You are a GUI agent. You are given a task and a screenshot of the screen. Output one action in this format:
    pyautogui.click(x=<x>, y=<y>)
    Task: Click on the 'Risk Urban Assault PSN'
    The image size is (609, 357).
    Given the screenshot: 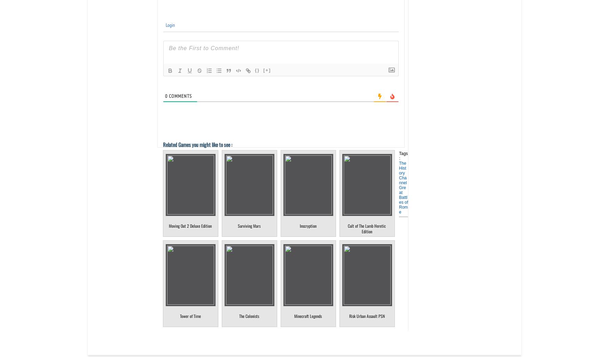 What is the action you would take?
    pyautogui.click(x=349, y=316)
    